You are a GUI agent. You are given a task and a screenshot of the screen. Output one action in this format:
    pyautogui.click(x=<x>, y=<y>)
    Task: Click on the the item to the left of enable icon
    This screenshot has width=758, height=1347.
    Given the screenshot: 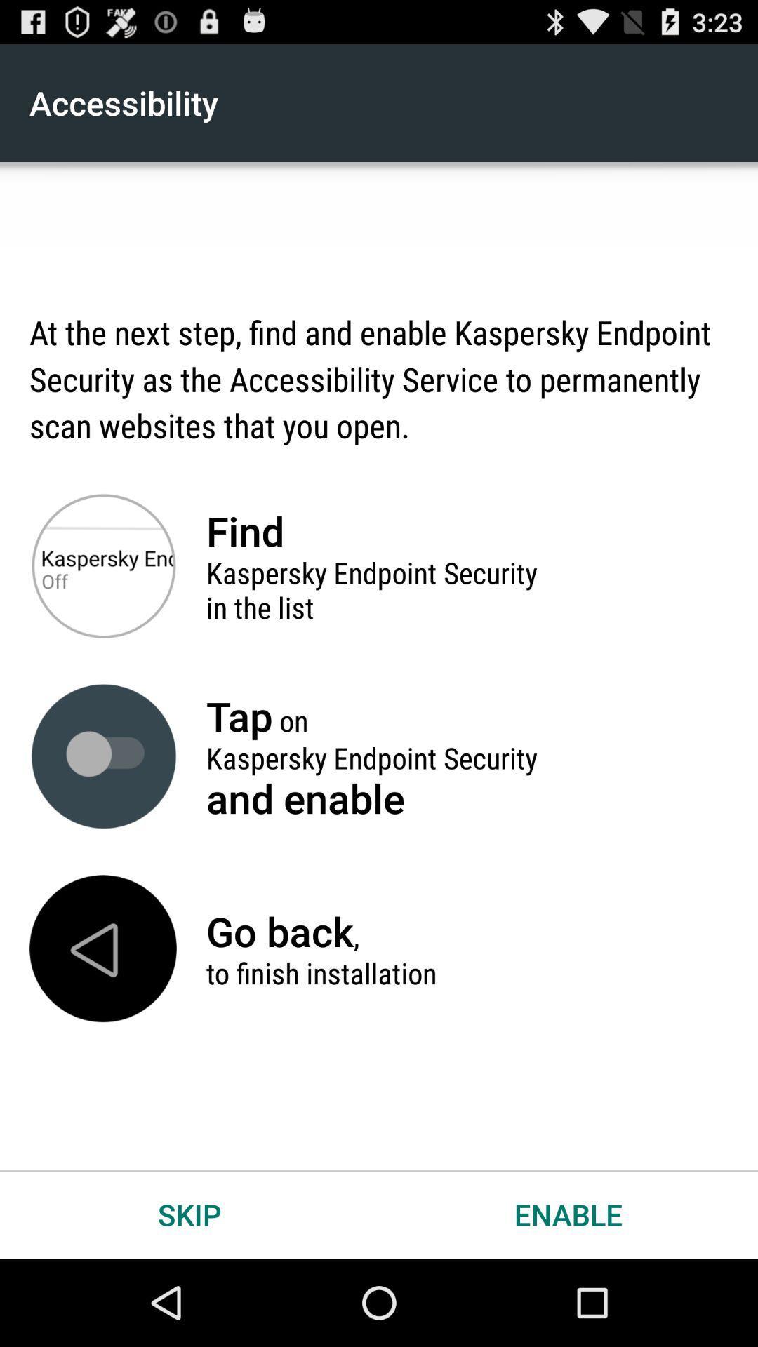 What is the action you would take?
    pyautogui.click(x=189, y=1214)
    